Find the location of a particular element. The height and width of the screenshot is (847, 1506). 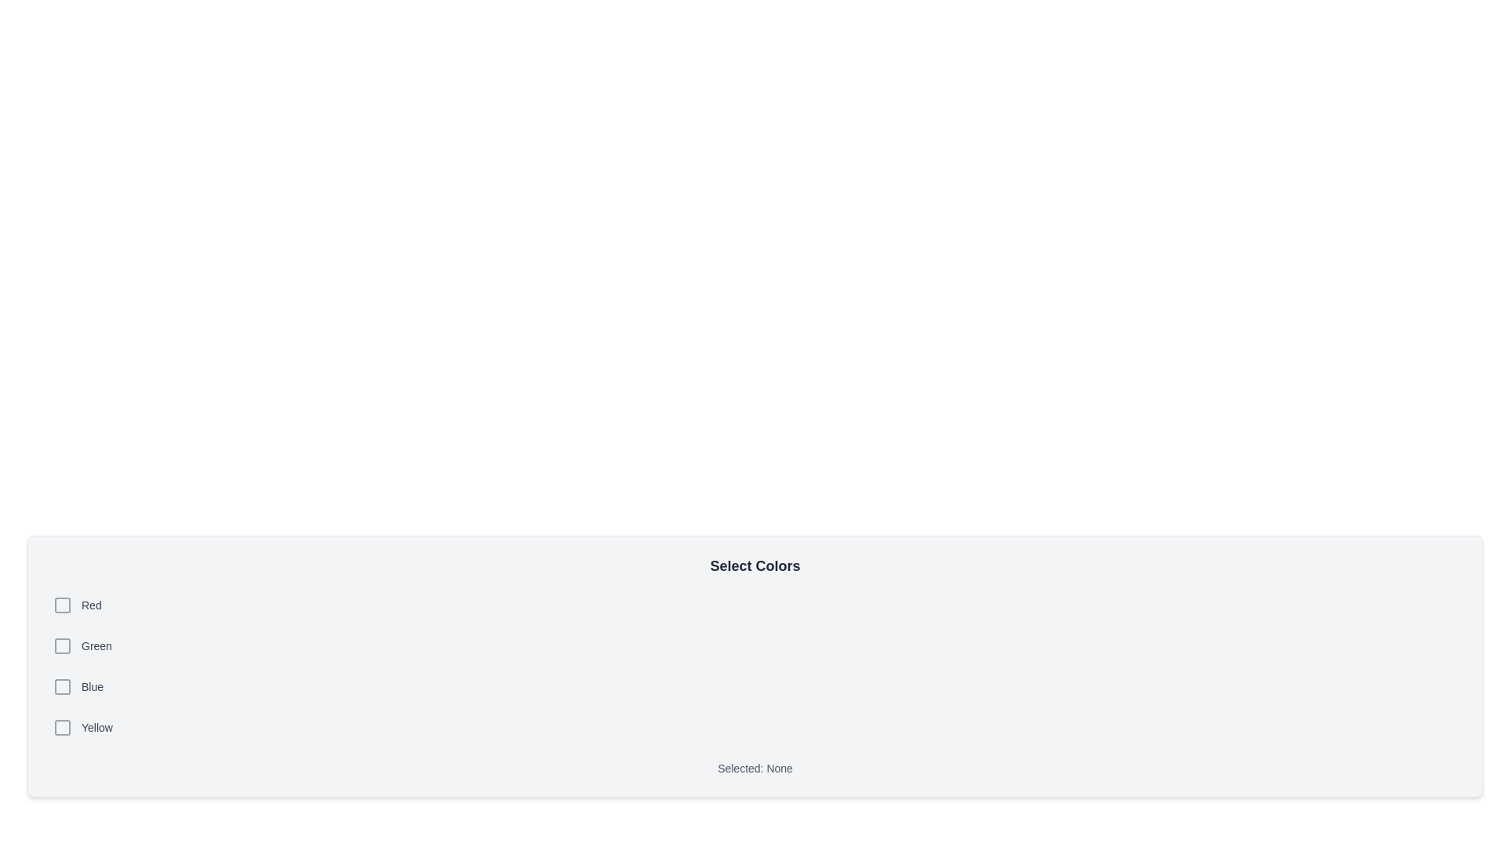

the checkbox indicator labeled 'Yellow' for accessibility navigation is located at coordinates (63, 728).